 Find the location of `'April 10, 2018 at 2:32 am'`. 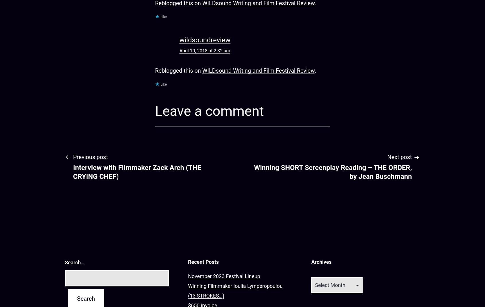

'April 10, 2018 at 2:32 am' is located at coordinates (204, 50).